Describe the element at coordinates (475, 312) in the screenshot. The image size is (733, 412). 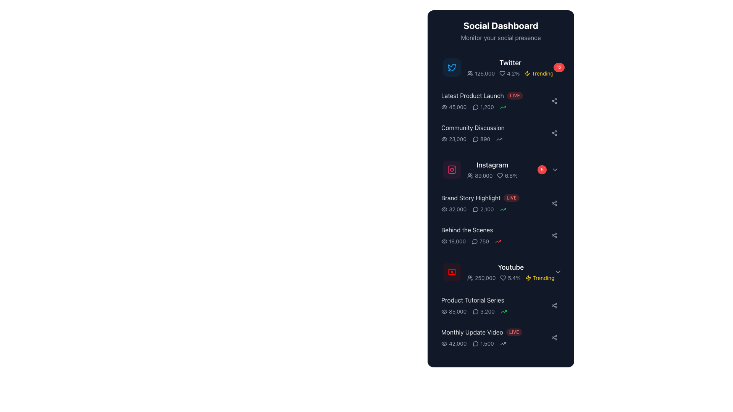
I see `the circular speech bubble icon located in the 'Product Tutorial Series' section, adjacent to the text '3,200', indicating comments or messages` at that location.